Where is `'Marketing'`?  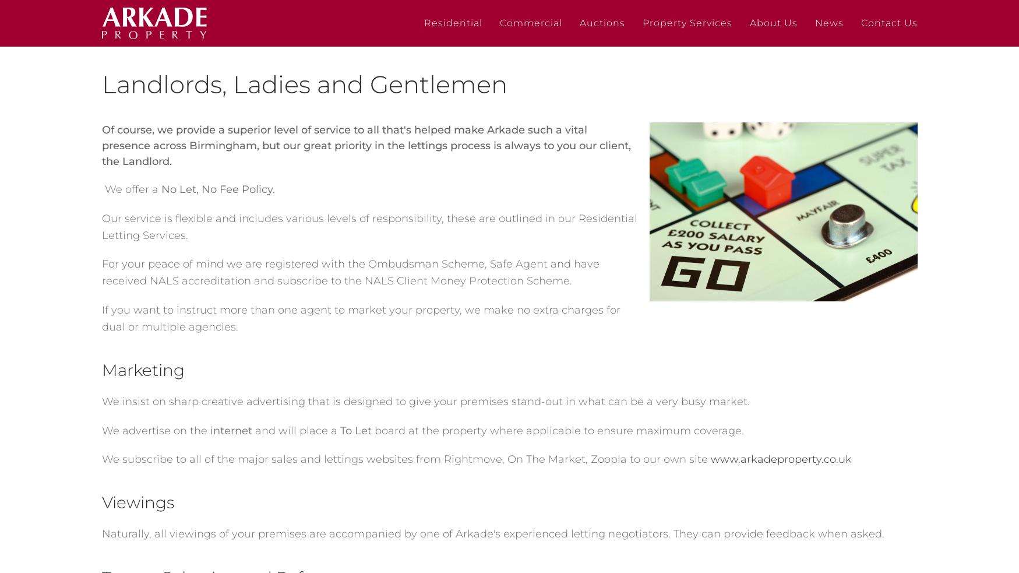 'Marketing' is located at coordinates (143, 370).